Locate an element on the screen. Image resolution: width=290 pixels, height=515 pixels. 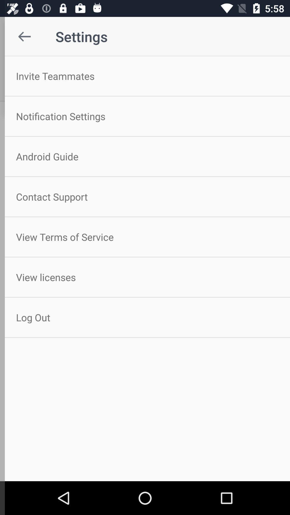
invite teammates item is located at coordinates (145, 76).